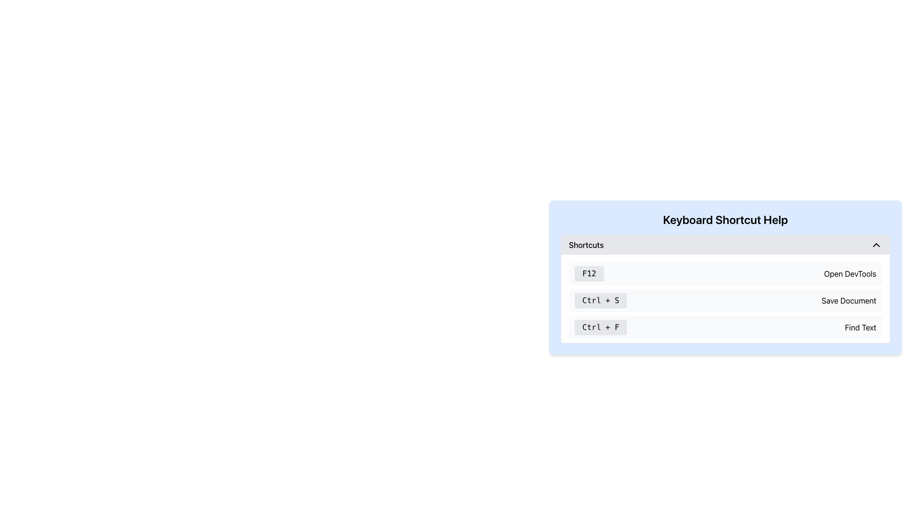  I want to click on the 'F12' button, a small rectangular button with rounded corners styled in light gray, located in the 'Shortcuts' section of the 'Keyboard Shortcut Help' area, so click(589, 273).